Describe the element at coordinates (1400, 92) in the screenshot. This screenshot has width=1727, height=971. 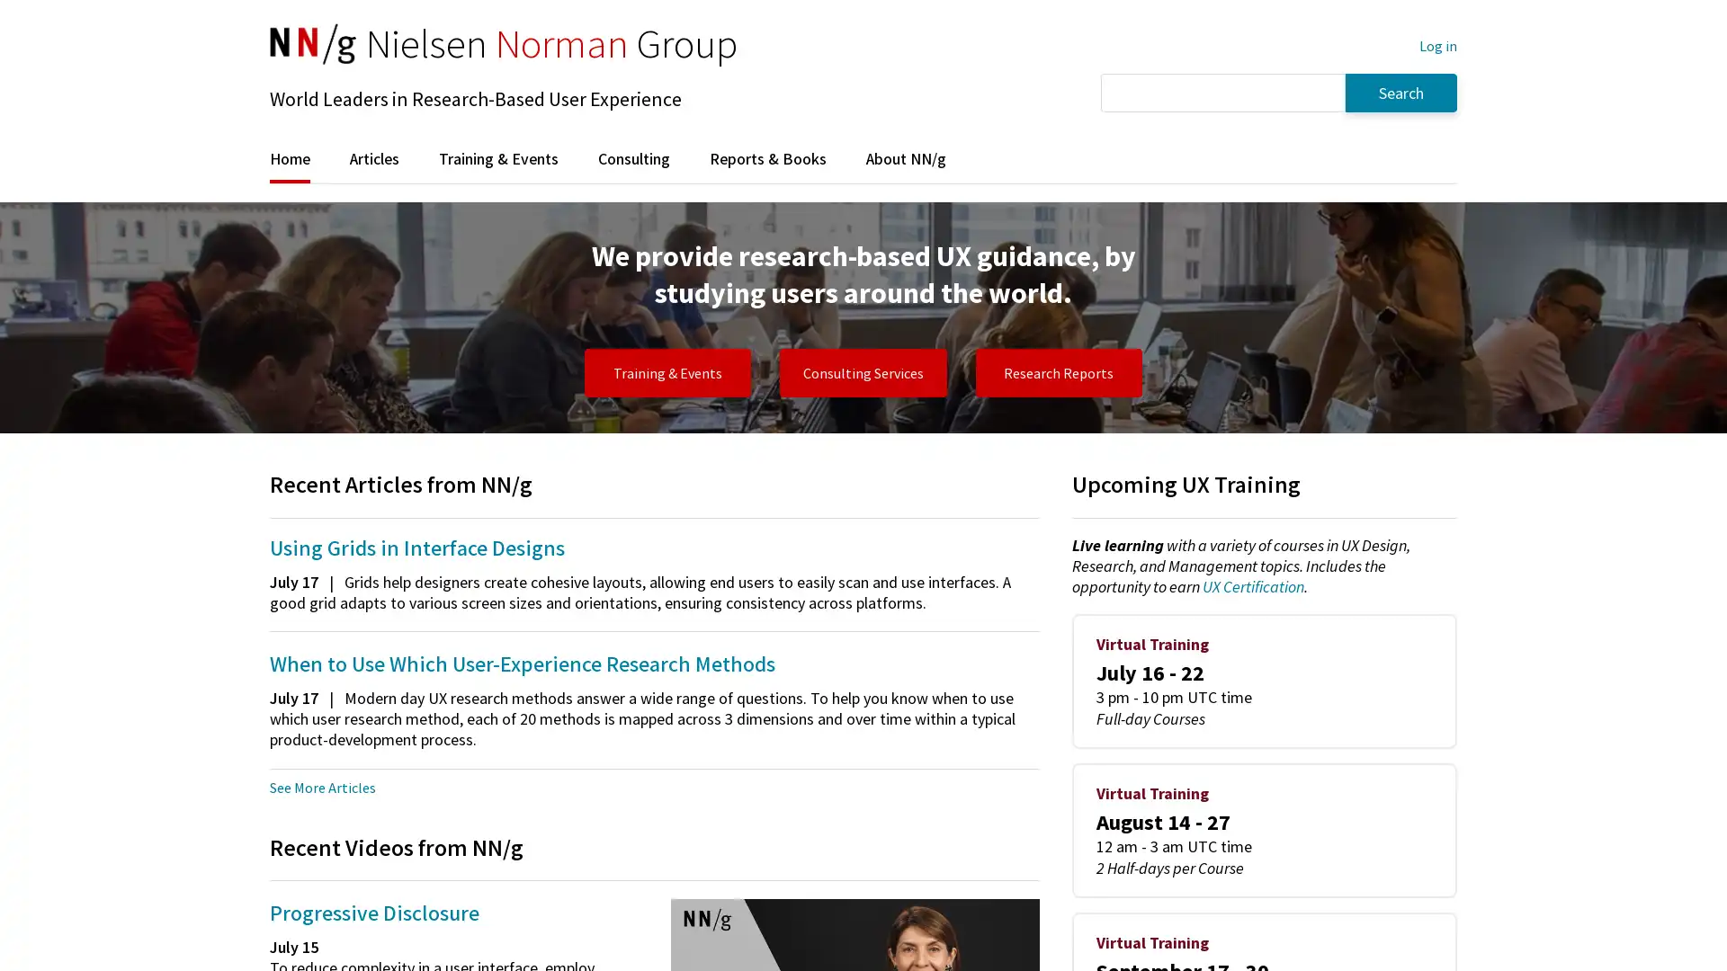
I see `Search` at that location.